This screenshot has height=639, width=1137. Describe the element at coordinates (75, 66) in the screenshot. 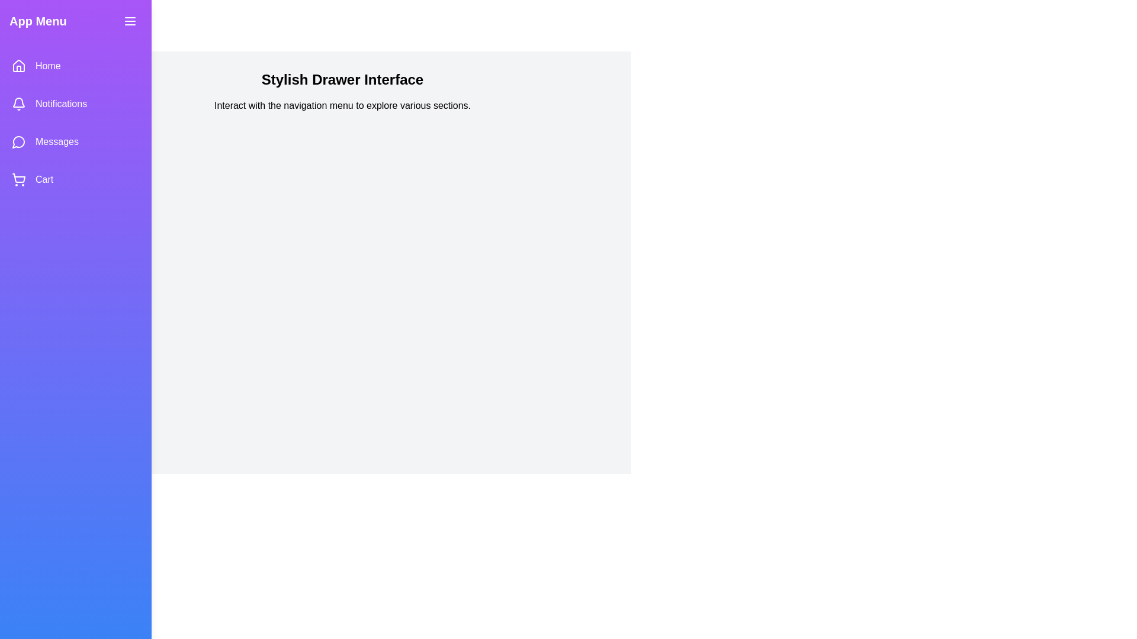

I see `the Home navigation option from the StylishDrawer menu` at that location.